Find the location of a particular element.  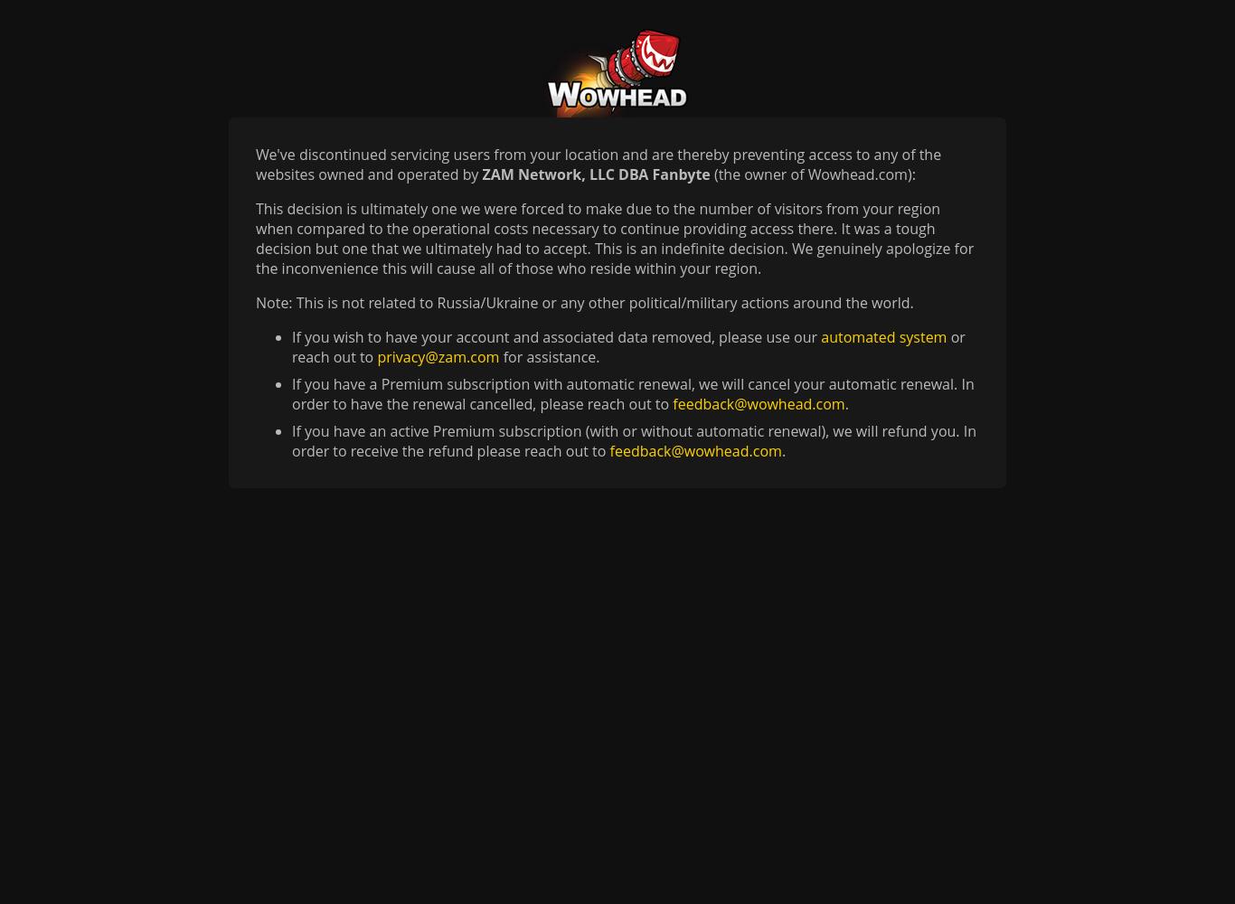

'Note: This is not related to Russia/Ukraine or any other political/military actions around the world.' is located at coordinates (256, 302).